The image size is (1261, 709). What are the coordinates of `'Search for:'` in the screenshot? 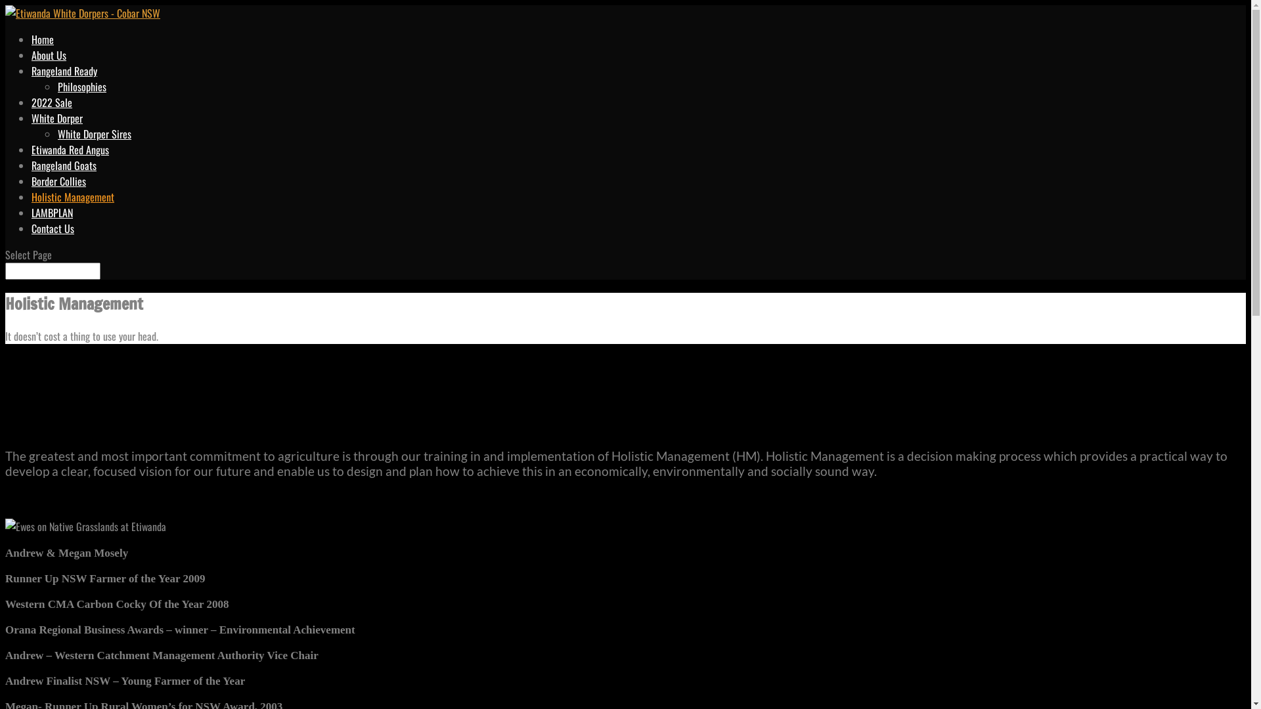 It's located at (53, 270).